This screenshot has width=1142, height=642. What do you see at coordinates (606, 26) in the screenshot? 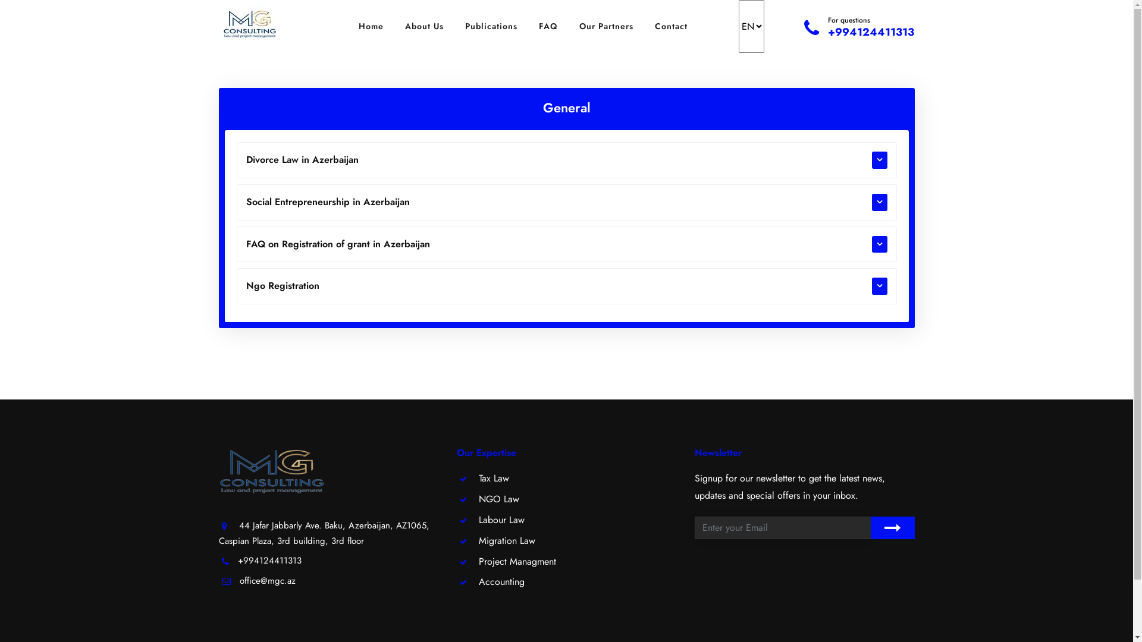
I see `'Our Partners'` at bounding box center [606, 26].